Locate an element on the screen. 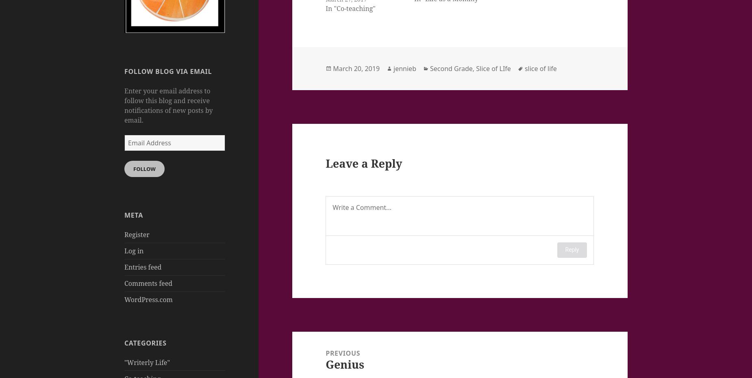 This screenshot has height=378, width=752. 'jennieb' is located at coordinates (404, 68).